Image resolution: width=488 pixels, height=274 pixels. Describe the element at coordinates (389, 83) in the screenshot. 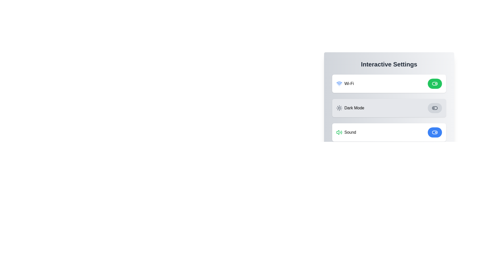

I see `the Wi-Fi toggleable list item for visual confirmation as it is the first item in the 'Interactive Settings' list` at that location.